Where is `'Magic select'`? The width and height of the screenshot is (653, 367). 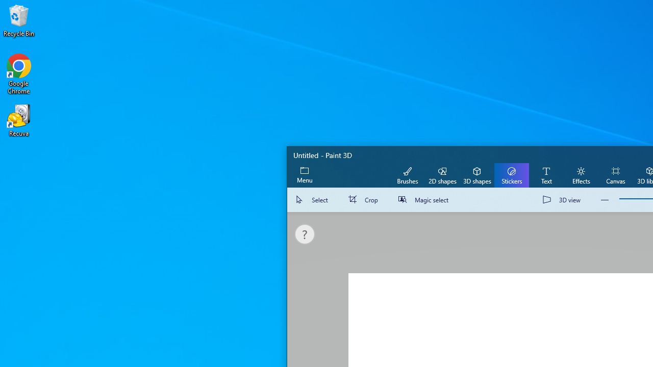 'Magic select' is located at coordinates (425, 200).